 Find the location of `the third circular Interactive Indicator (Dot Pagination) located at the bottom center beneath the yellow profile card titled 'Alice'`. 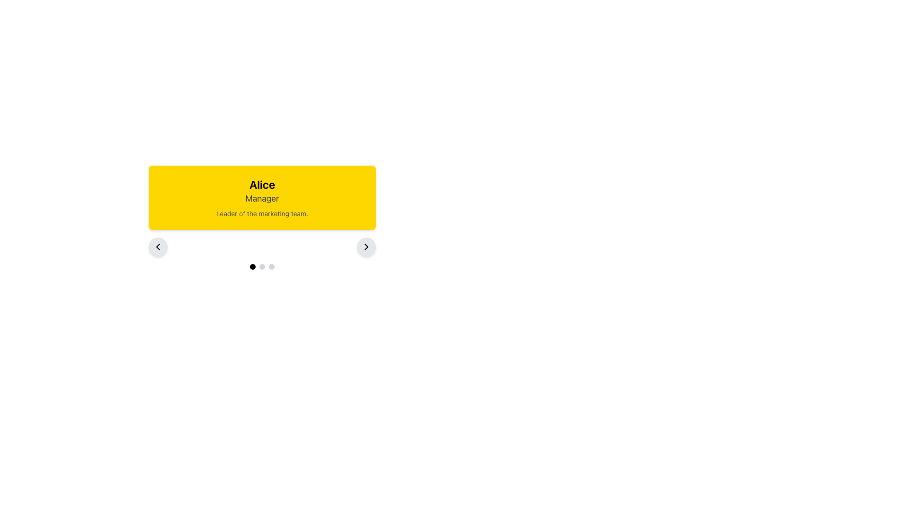

the third circular Interactive Indicator (Dot Pagination) located at the bottom center beneath the yellow profile card titled 'Alice' is located at coordinates (271, 266).